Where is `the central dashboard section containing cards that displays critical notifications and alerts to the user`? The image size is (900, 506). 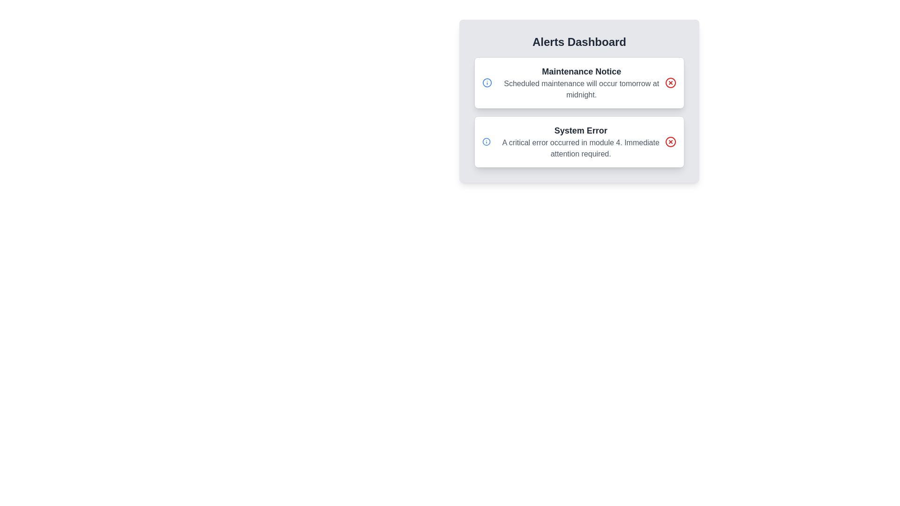 the central dashboard section containing cards that displays critical notifications and alerts to the user is located at coordinates (579, 117).